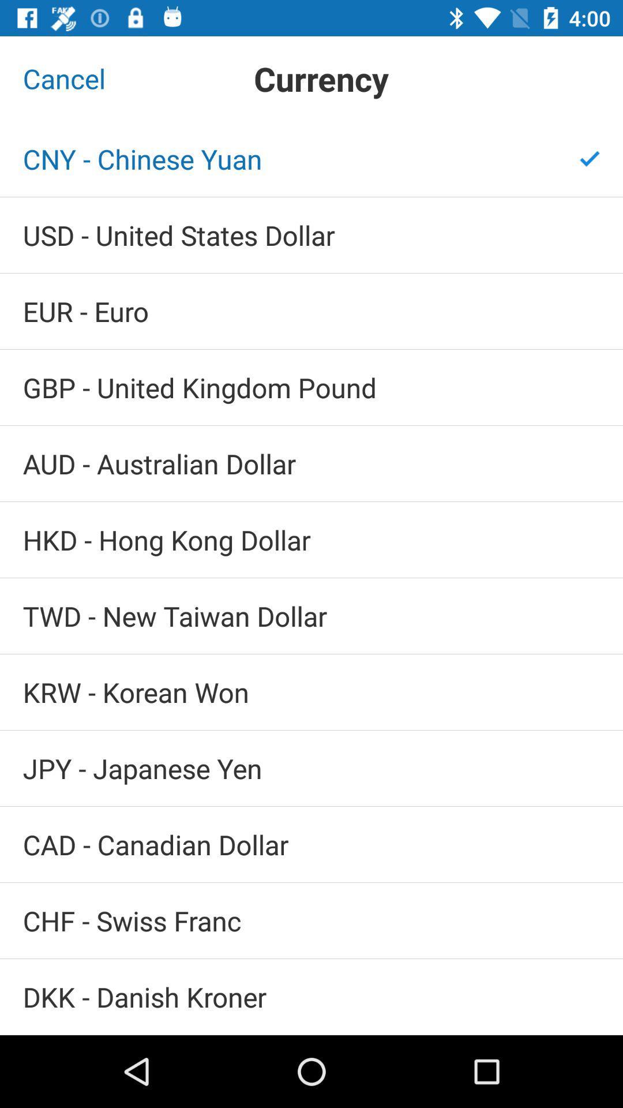 The width and height of the screenshot is (623, 1108). I want to click on the twd new taiwan, so click(311, 615).